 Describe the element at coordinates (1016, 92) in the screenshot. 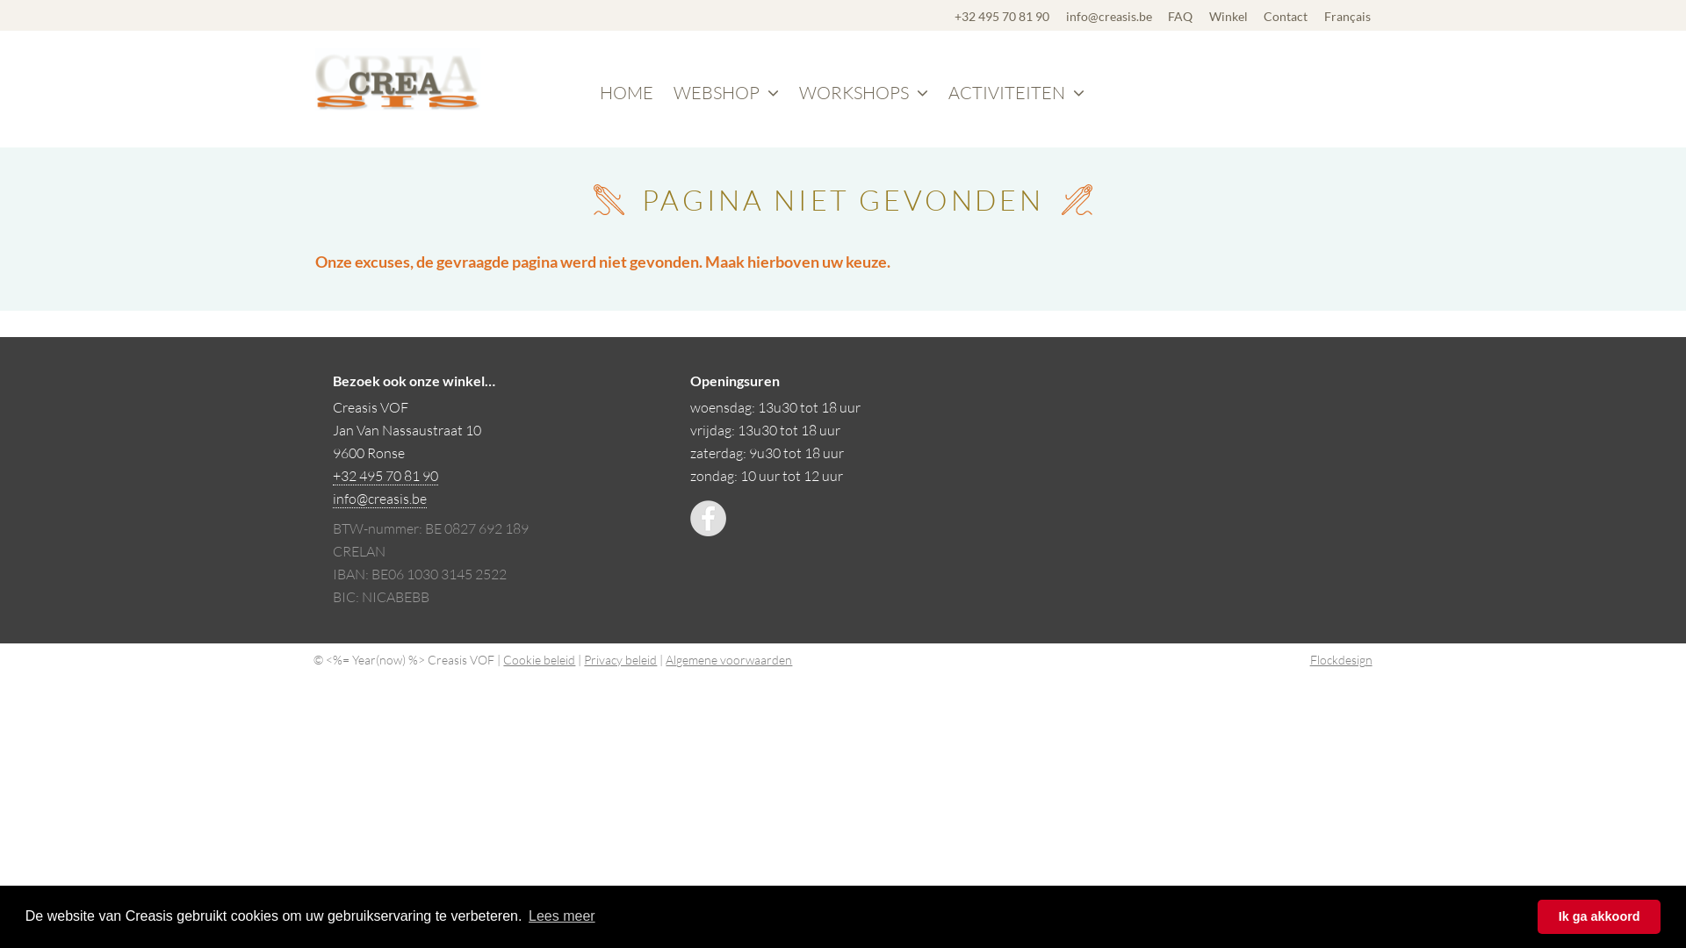

I see `'ACTIVITEITEN'` at that location.